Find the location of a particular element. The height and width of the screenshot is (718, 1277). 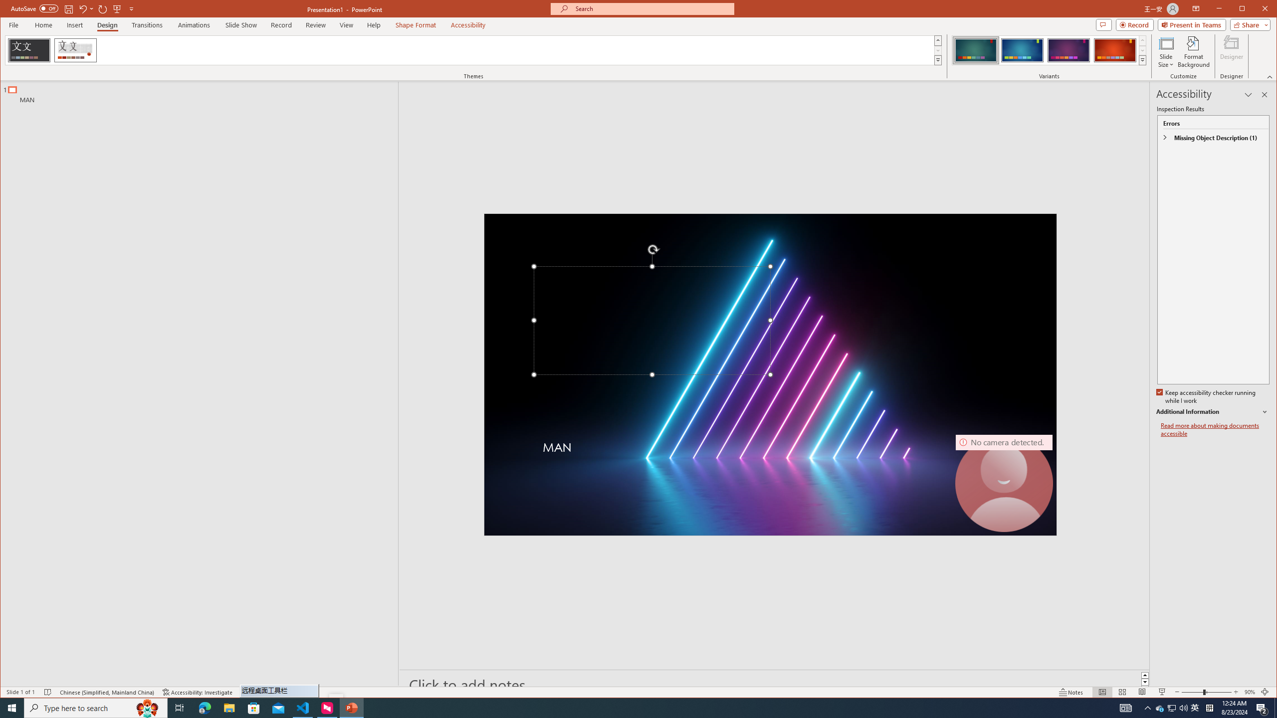

'Wood Type' is located at coordinates (75, 50).